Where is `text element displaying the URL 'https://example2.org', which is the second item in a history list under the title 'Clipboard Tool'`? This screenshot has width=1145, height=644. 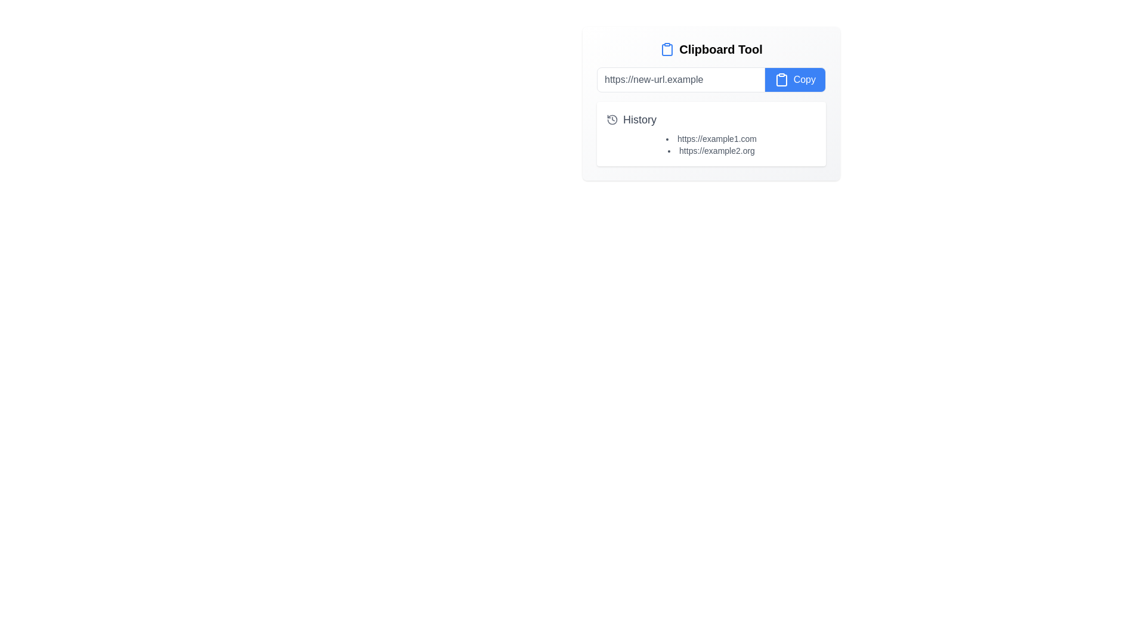
text element displaying the URL 'https://example2.org', which is the second item in a history list under the title 'Clipboard Tool' is located at coordinates (711, 150).